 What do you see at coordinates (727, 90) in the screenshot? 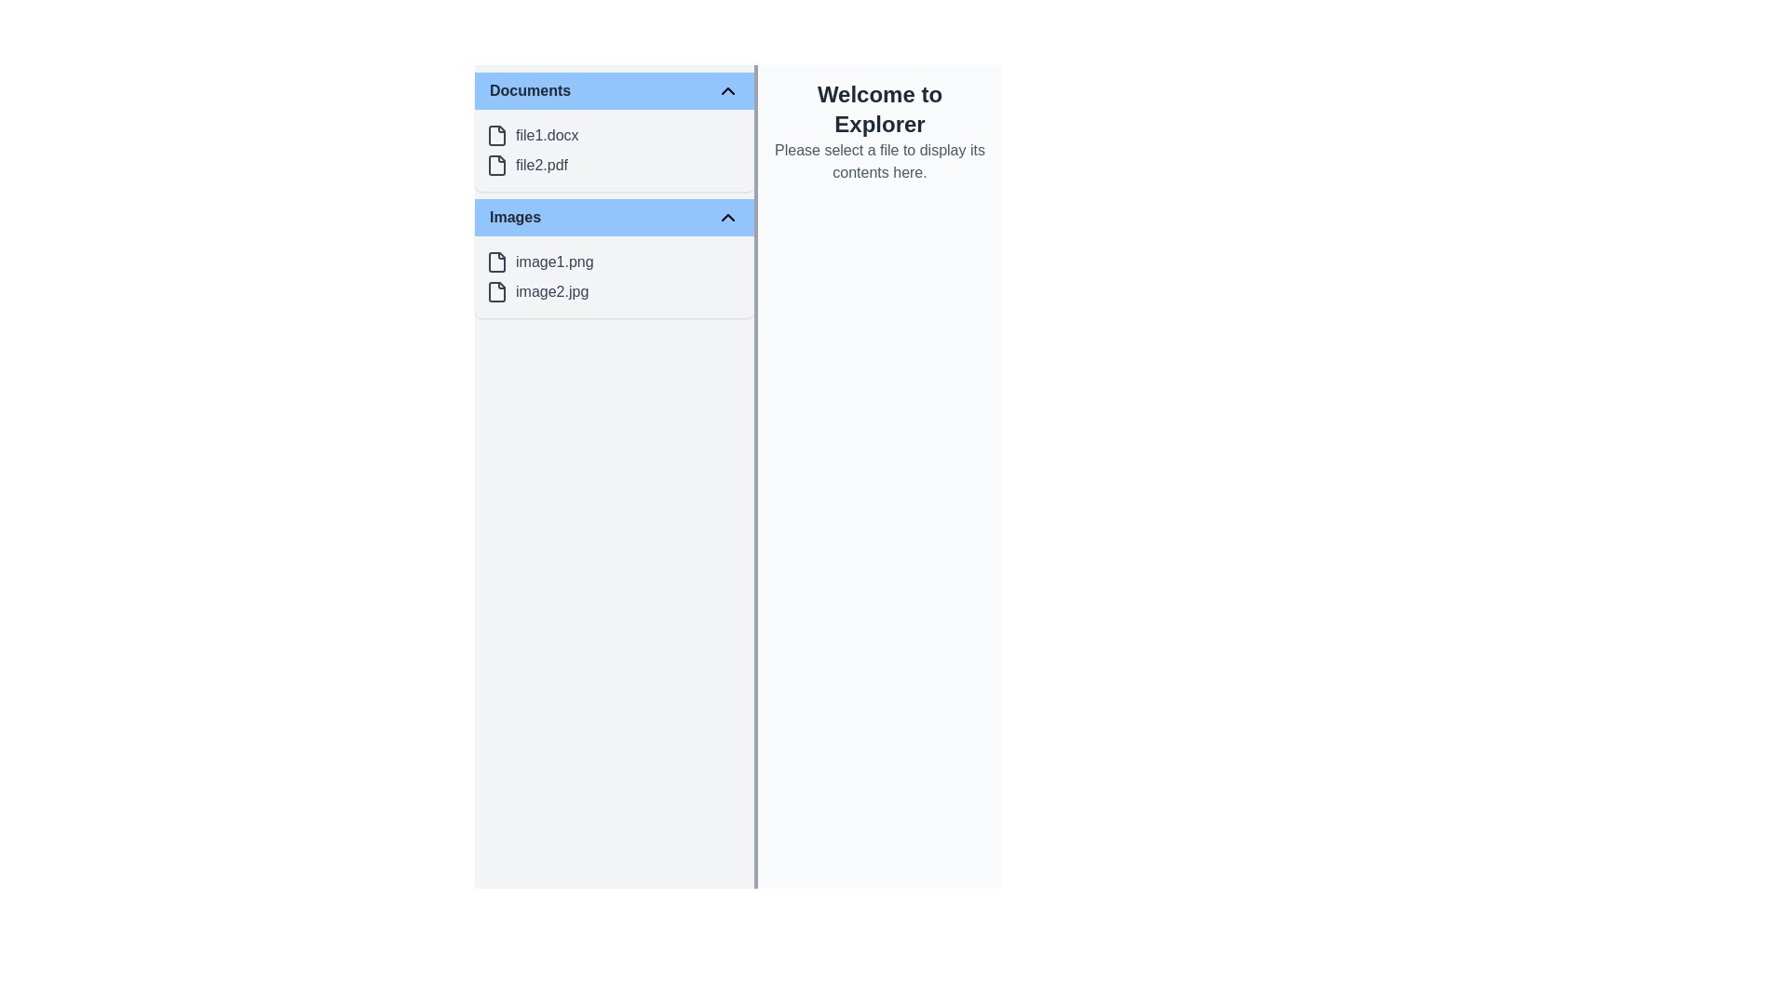
I see `the Chevron toggle icon located at the far right of the 'Documents' header` at bounding box center [727, 90].